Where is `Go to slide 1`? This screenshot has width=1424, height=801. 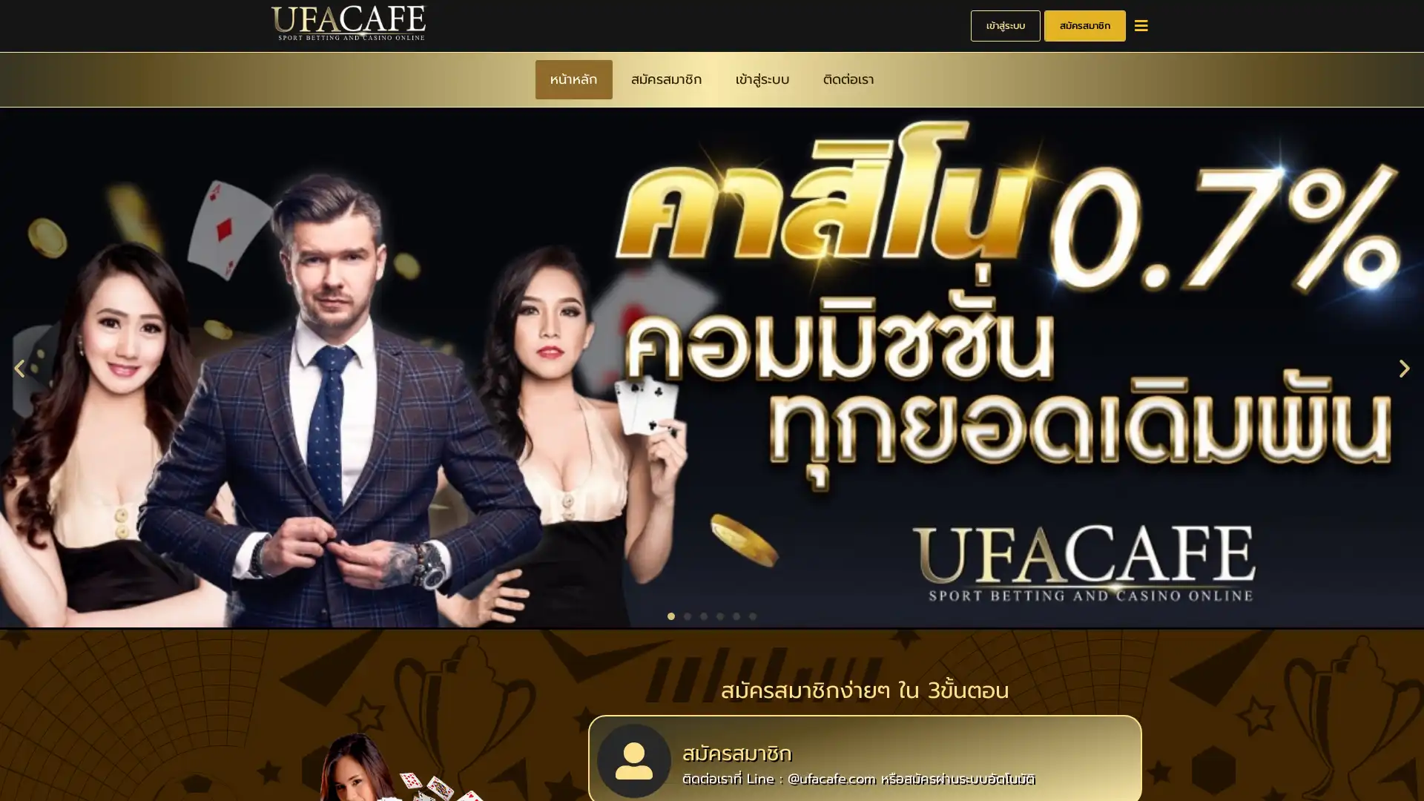 Go to slide 1 is located at coordinates (670, 614).